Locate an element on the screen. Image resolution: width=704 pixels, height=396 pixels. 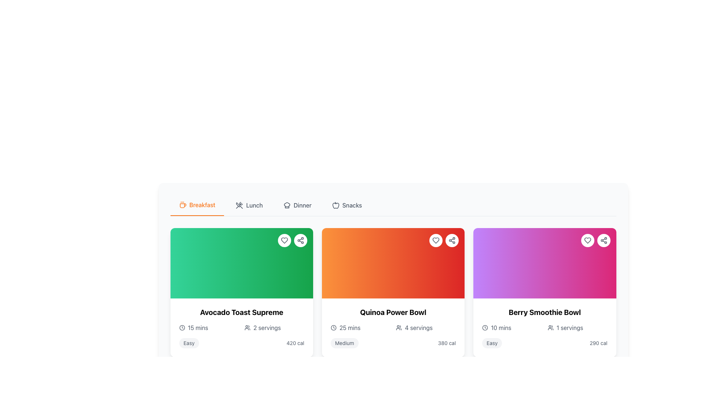
the 'Snacks' clickable text in the navigation menu is located at coordinates (346, 205).